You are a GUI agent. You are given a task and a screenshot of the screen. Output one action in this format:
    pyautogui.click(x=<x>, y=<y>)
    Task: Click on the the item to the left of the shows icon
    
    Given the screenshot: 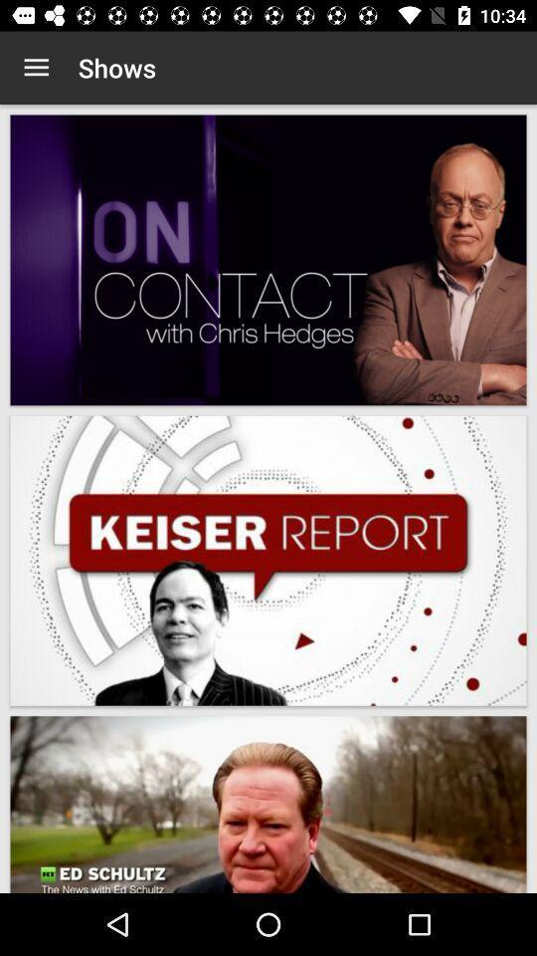 What is the action you would take?
    pyautogui.click(x=36, y=68)
    